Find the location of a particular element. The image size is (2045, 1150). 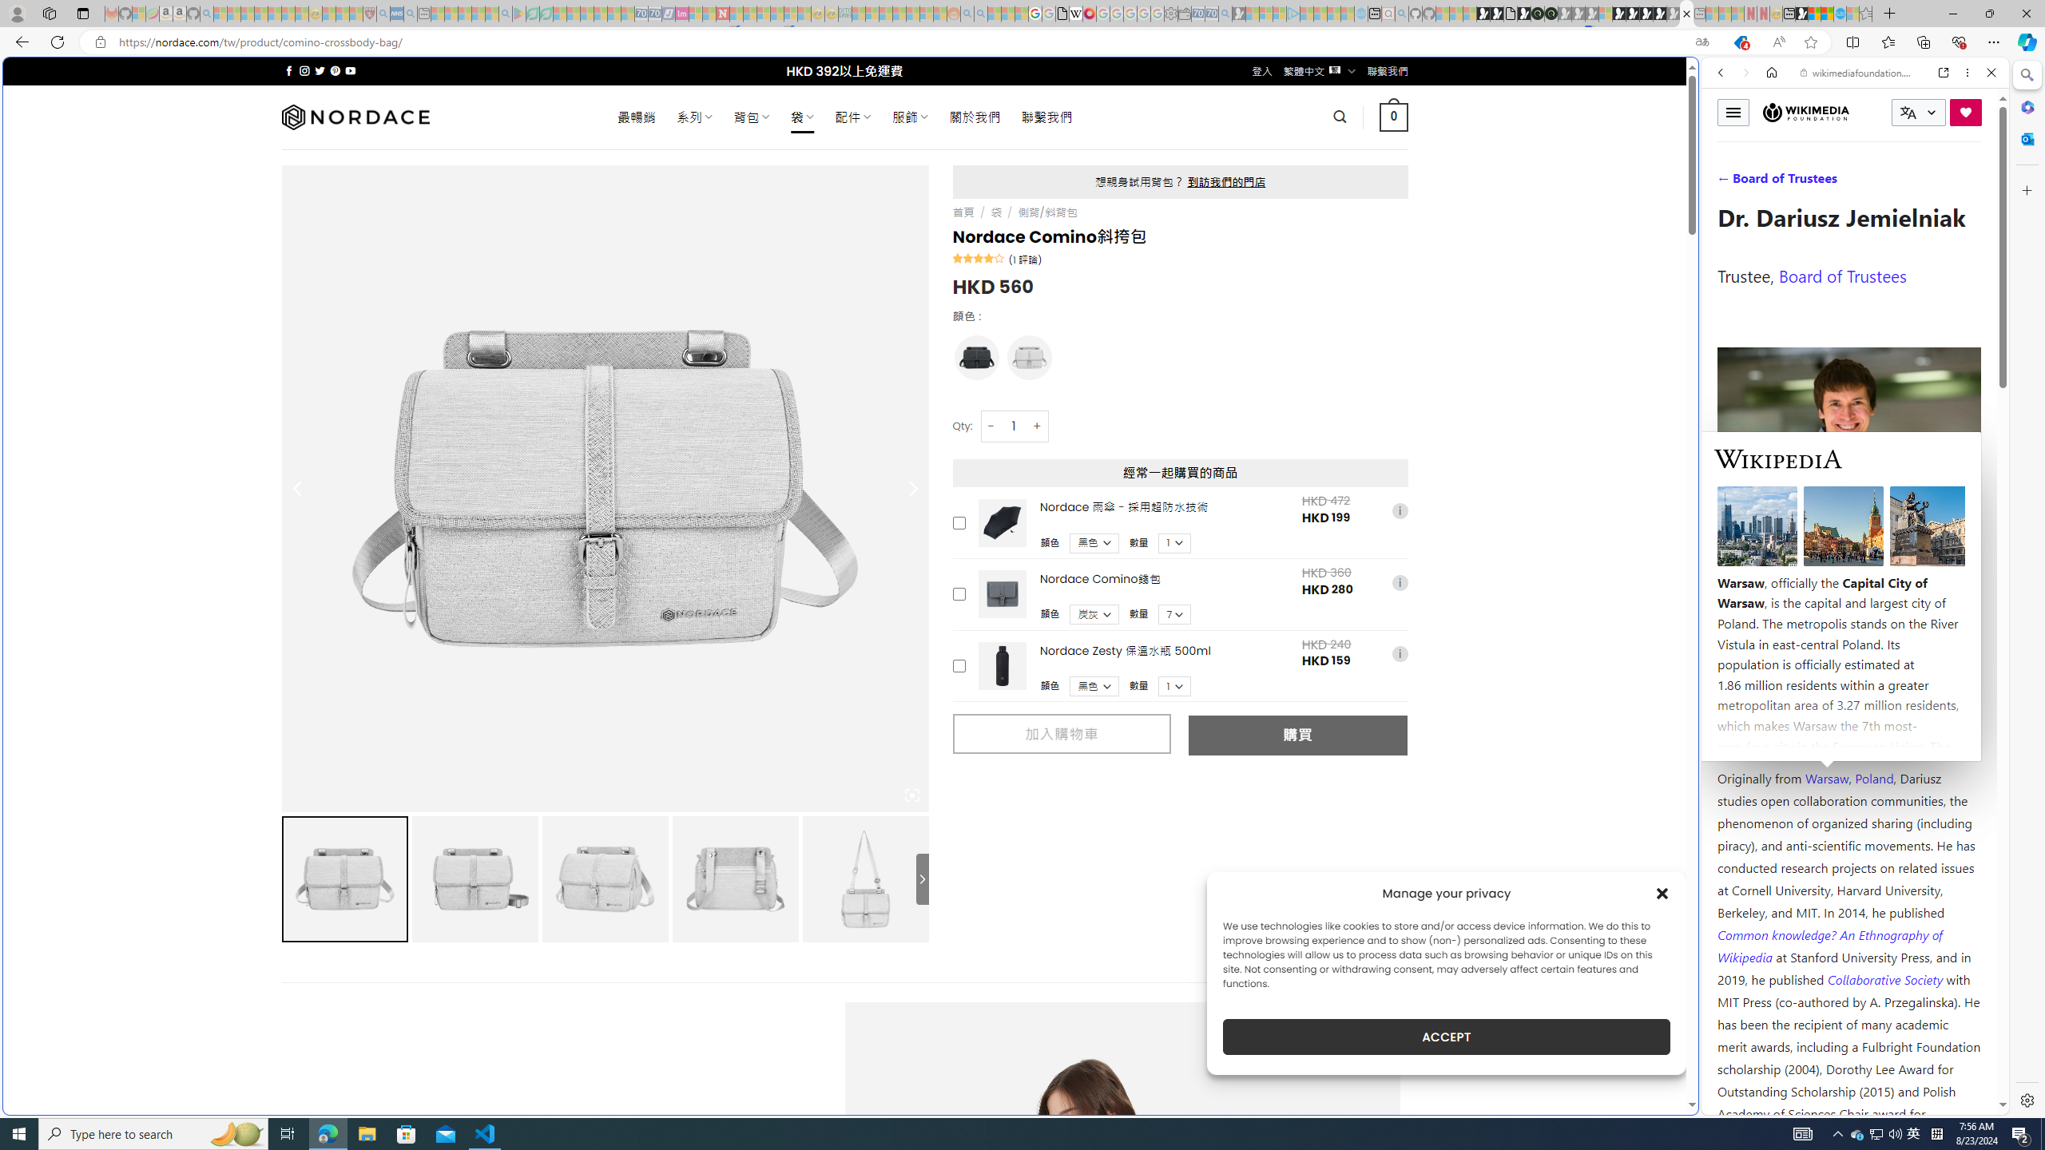

'Services - Maintenance | Sky Blue Bikes - Sky Blue Bikes' is located at coordinates (1839, 13).